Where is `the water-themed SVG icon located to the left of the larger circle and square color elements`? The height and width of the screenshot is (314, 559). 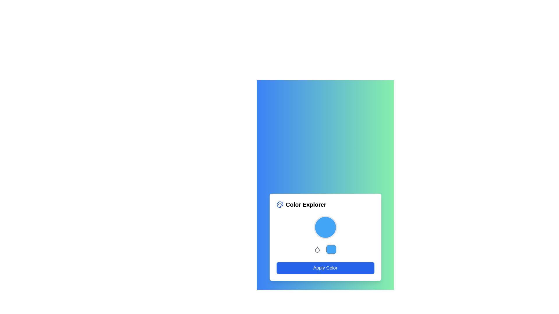
the water-themed SVG icon located to the left of the larger circle and square color elements is located at coordinates (317, 249).